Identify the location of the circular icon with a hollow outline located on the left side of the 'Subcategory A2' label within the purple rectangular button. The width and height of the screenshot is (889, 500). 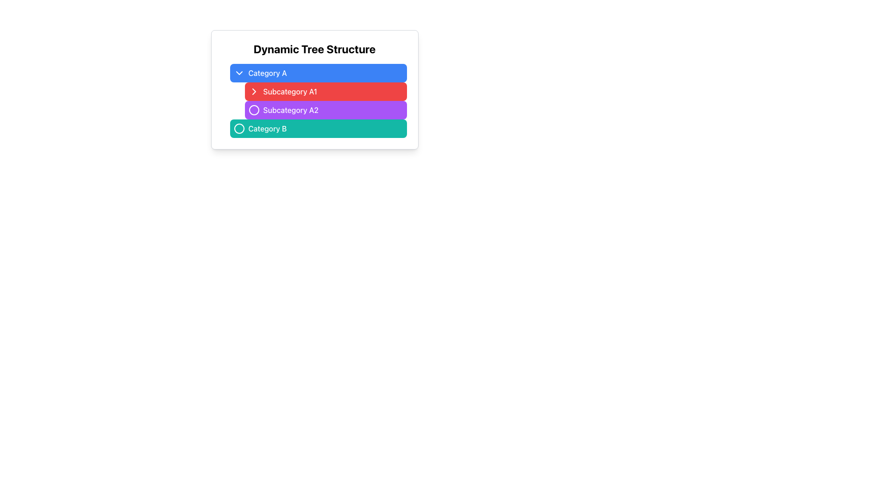
(254, 110).